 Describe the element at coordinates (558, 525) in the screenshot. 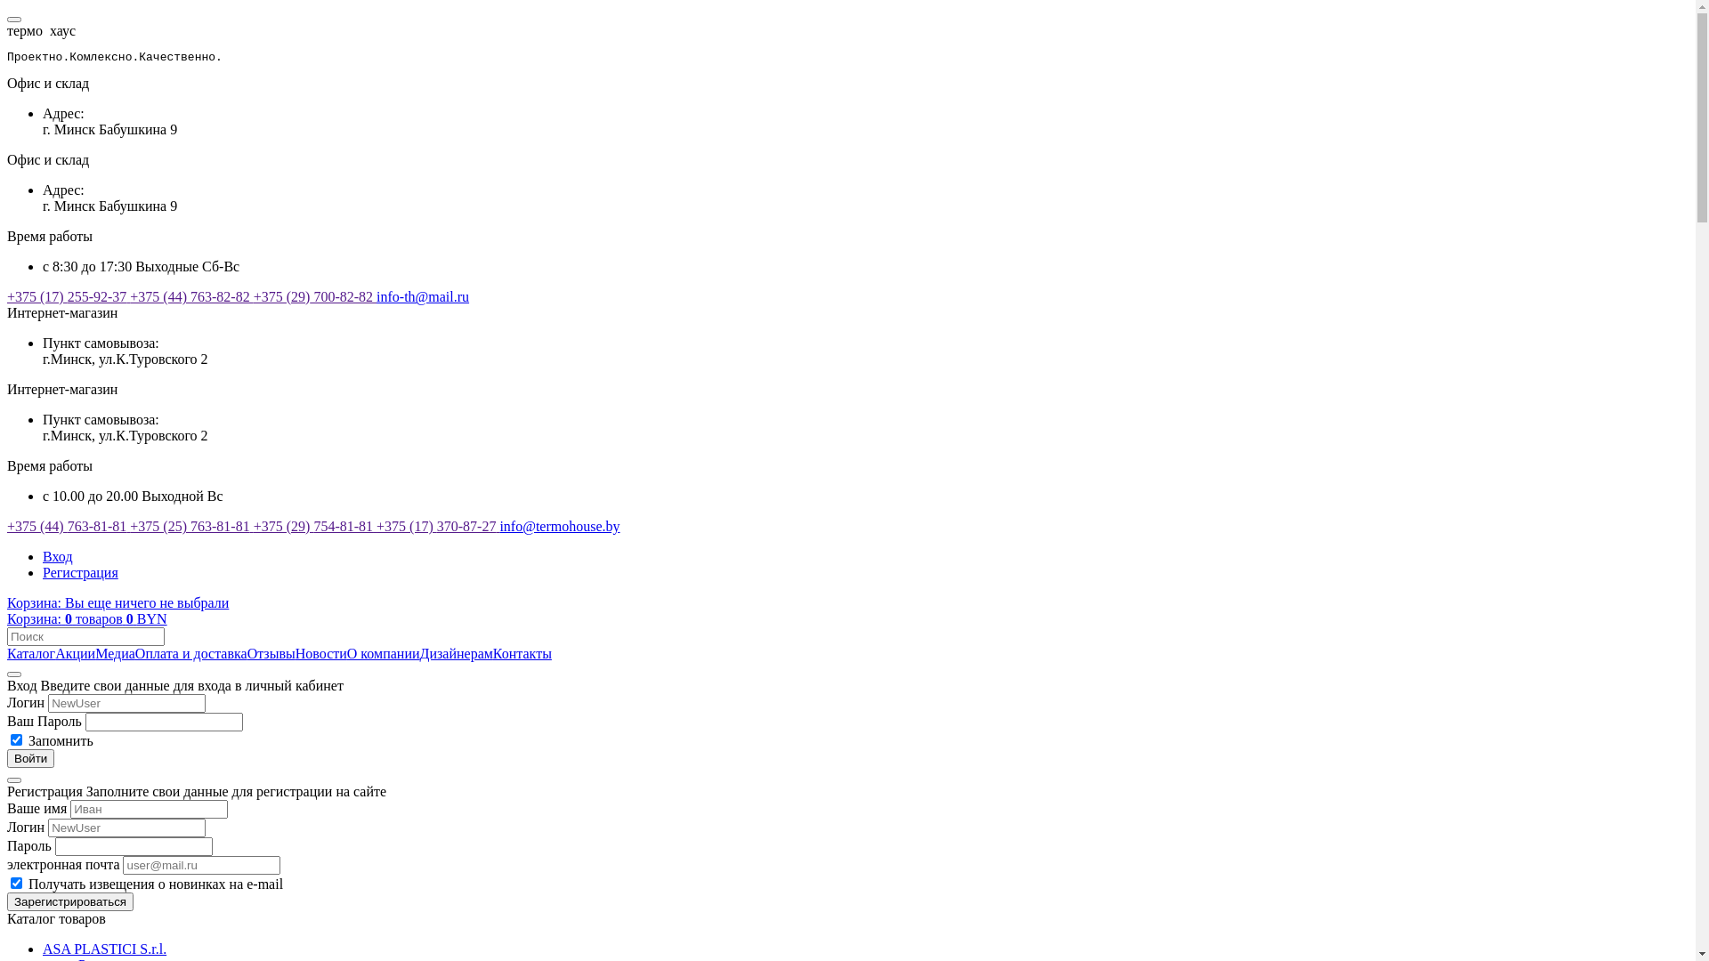

I see `'info@termohouse.by'` at that location.